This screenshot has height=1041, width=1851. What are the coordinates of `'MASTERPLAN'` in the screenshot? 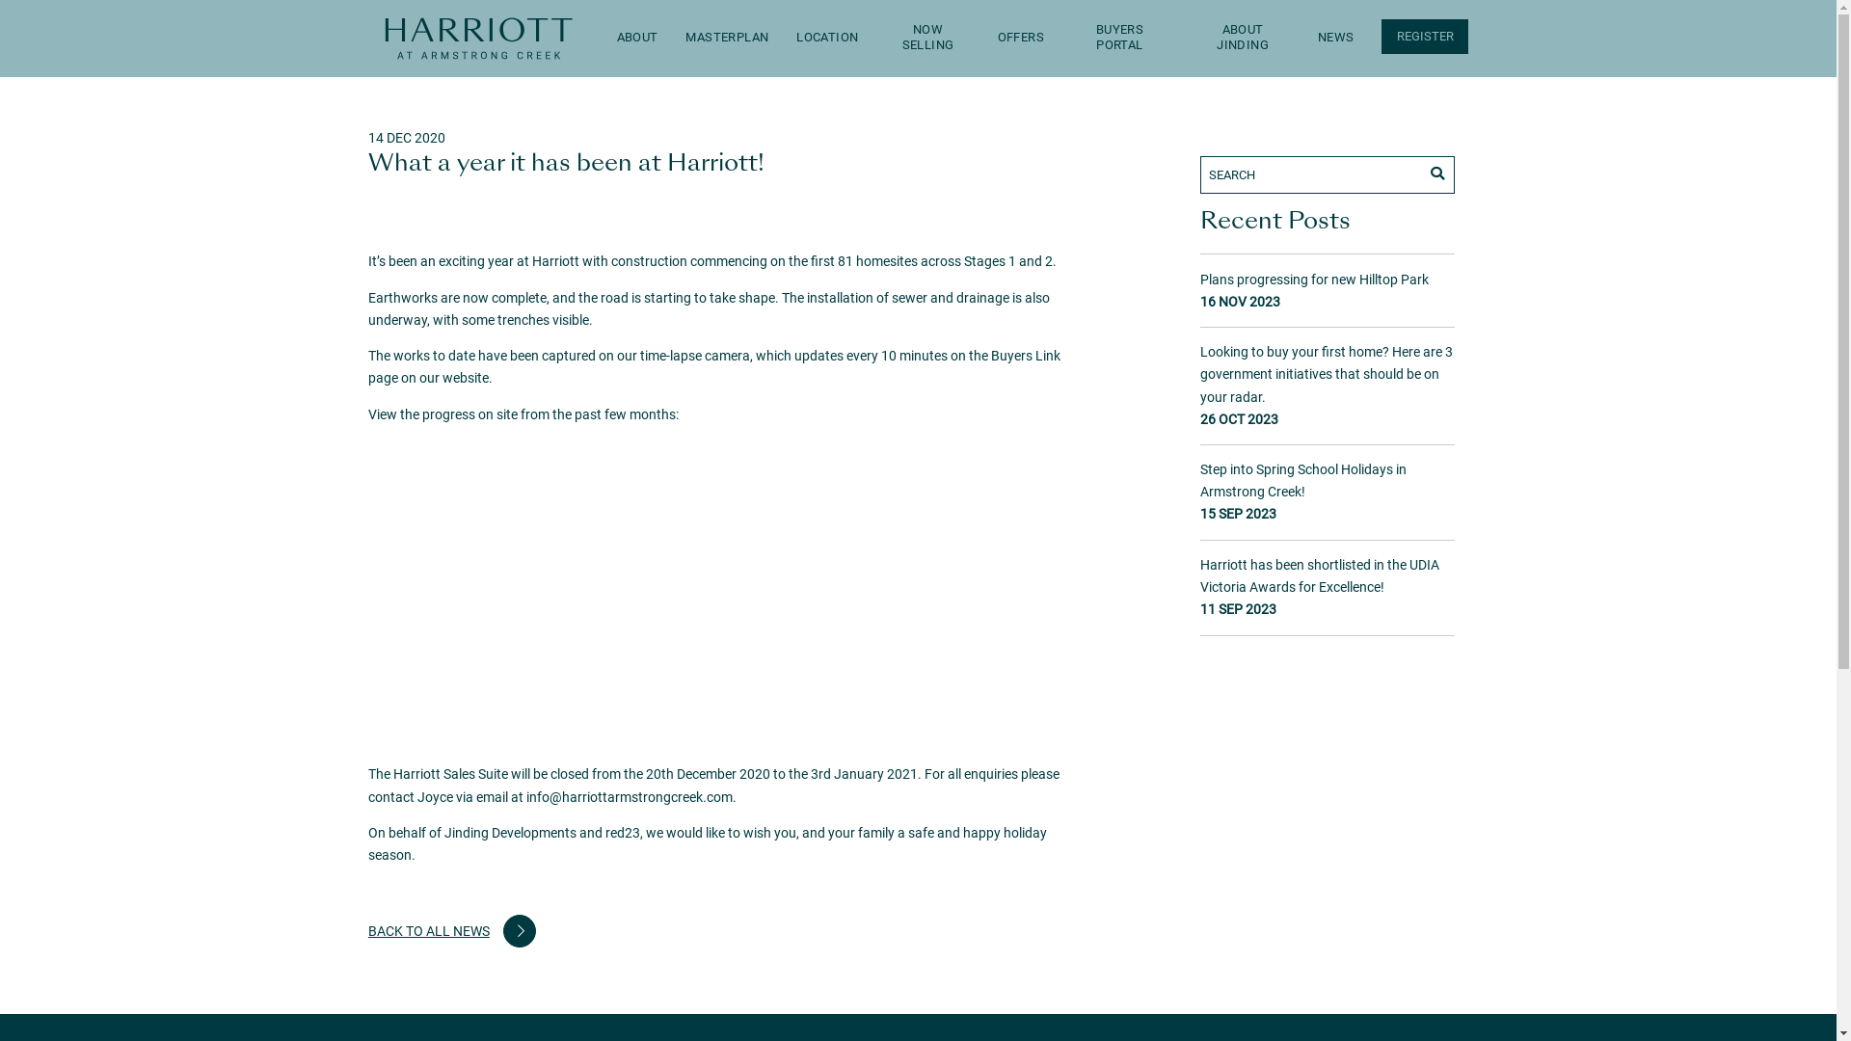 It's located at (725, 39).